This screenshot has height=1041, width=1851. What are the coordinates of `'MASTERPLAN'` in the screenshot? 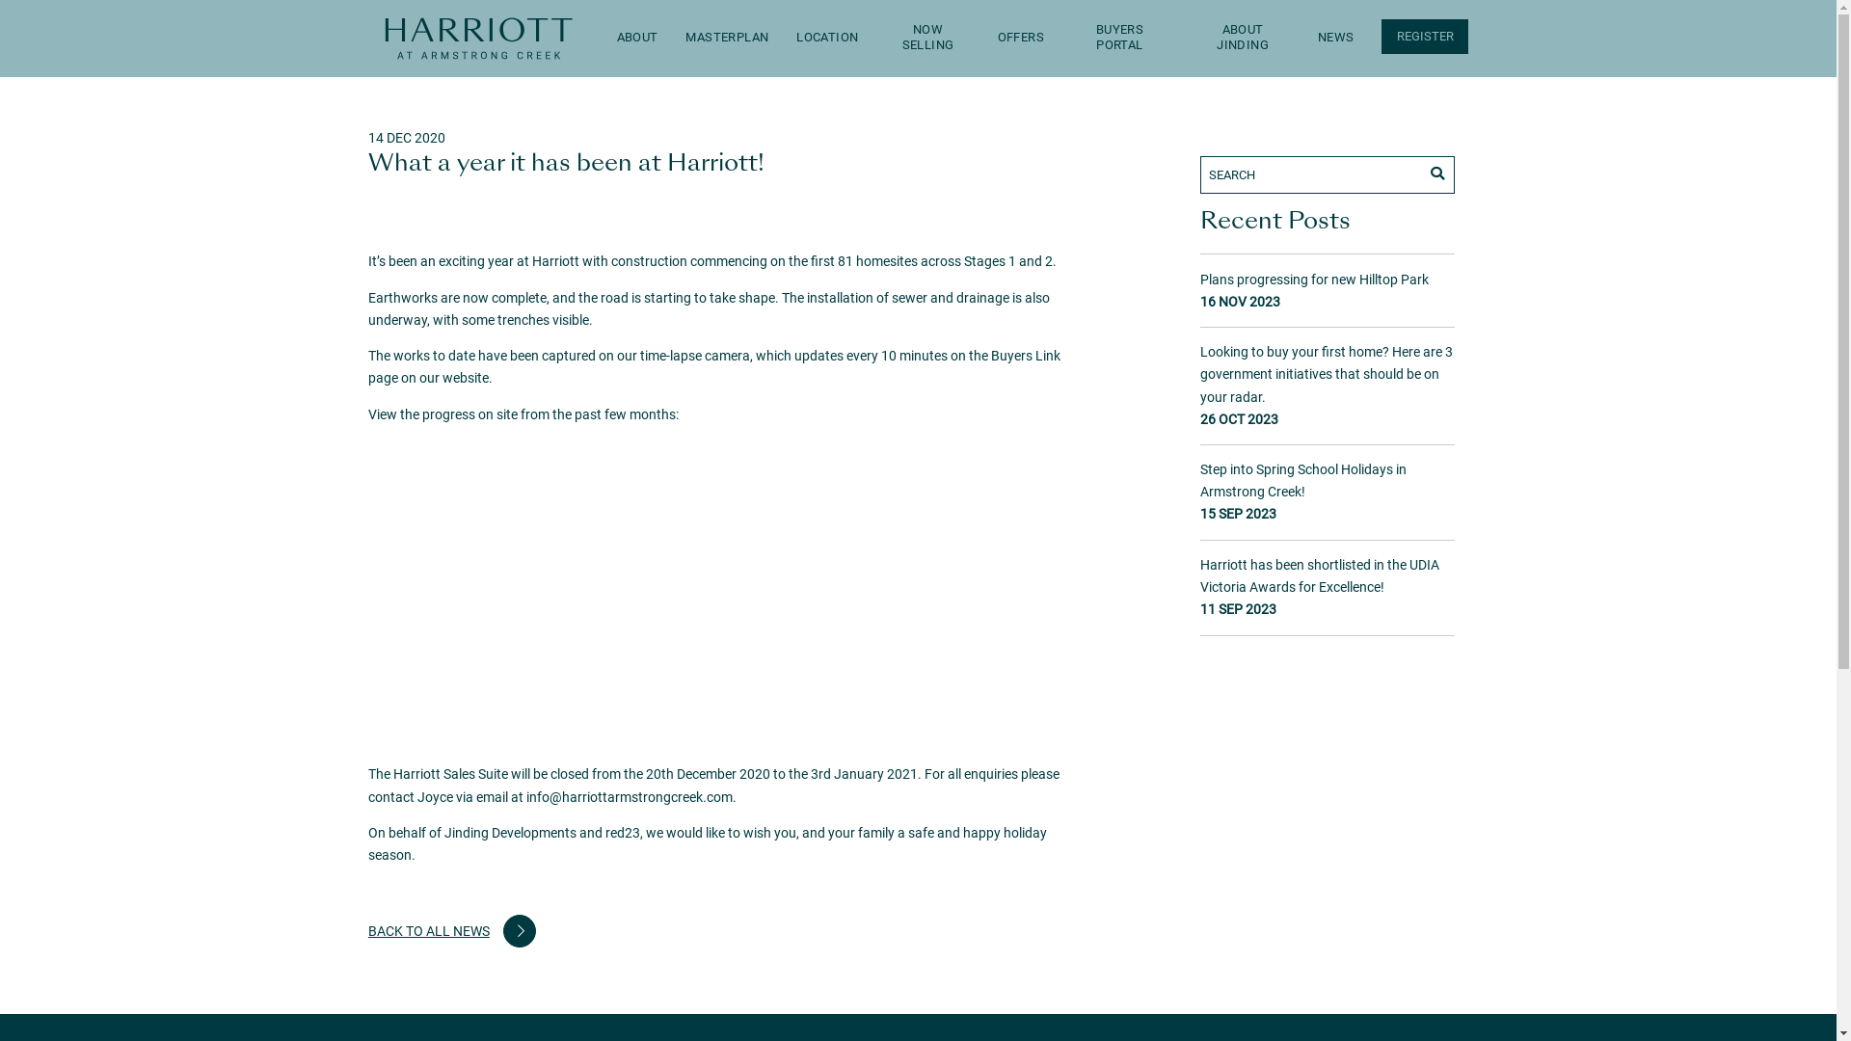 It's located at (725, 39).